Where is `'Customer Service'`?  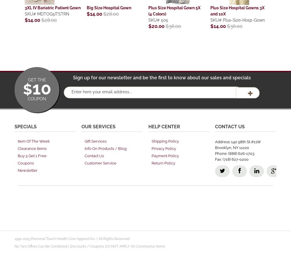
'Customer Service' is located at coordinates (84, 163).